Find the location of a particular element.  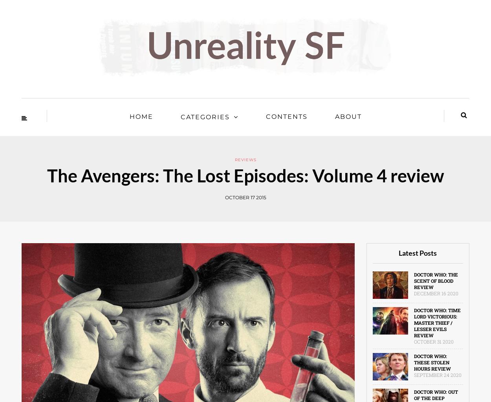

'October 17 2015' is located at coordinates (245, 197).